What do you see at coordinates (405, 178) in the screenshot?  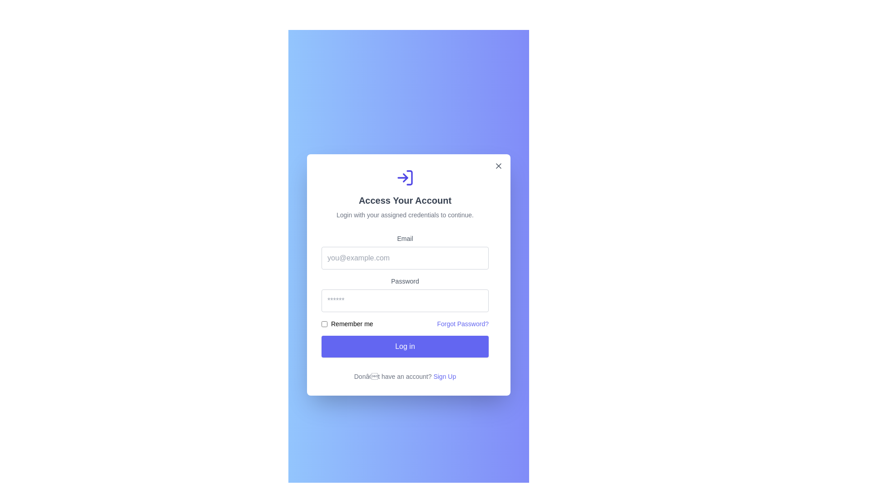 I see `the 'Log In' or 'Sign In' icon located at the top of the modal dialog, centered horizontally and above the text 'Access Your Account'` at bounding box center [405, 178].